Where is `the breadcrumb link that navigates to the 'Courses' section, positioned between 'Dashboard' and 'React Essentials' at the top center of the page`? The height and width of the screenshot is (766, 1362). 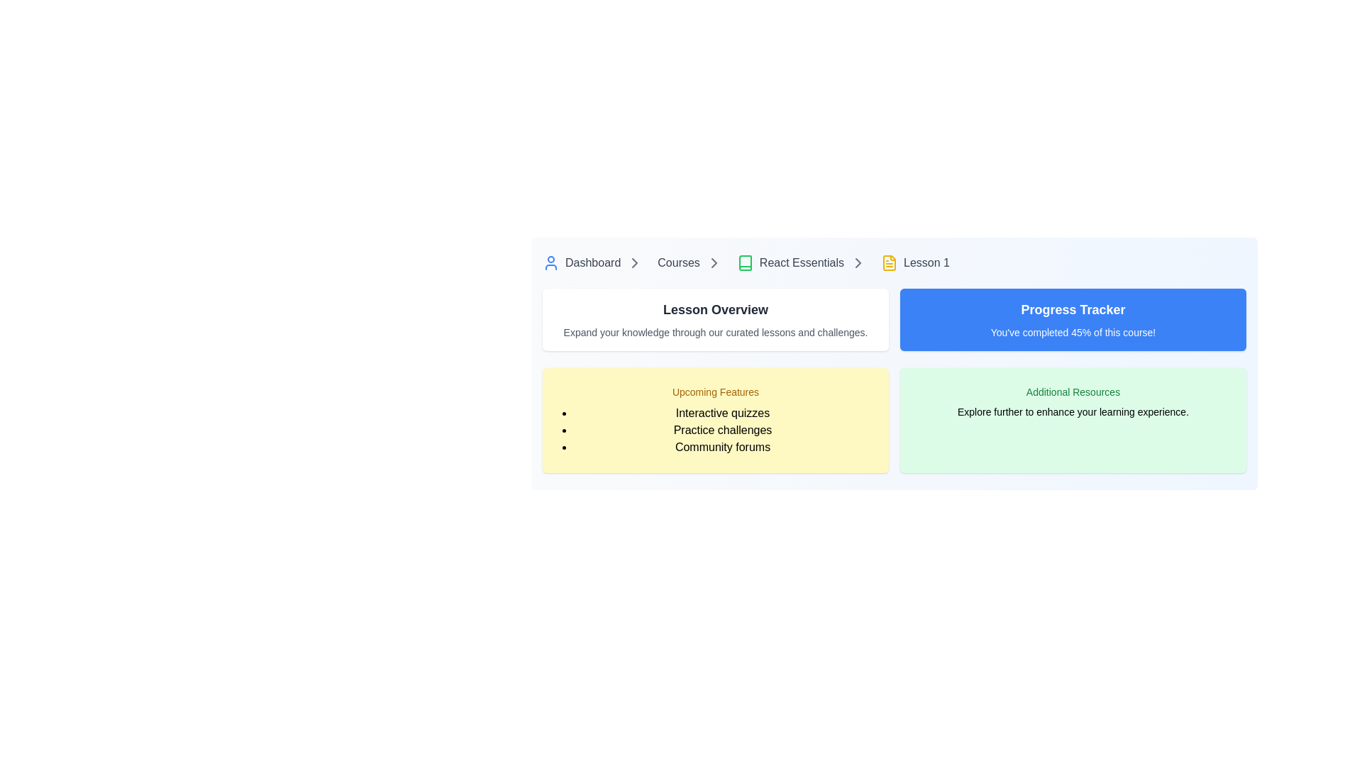 the breadcrumb link that navigates to the 'Courses' section, positioned between 'Dashboard' and 'React Essentials' at the top center of the page is located at coordinates (693, 262).